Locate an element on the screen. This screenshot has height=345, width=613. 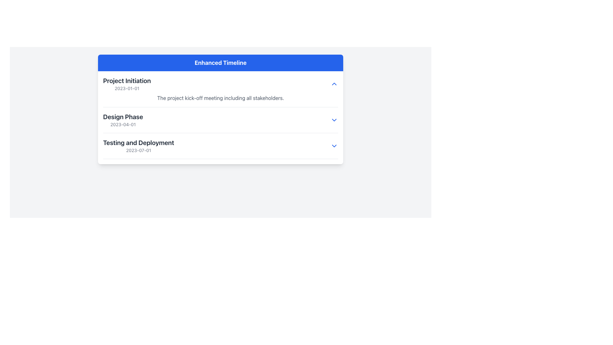
the upward chevron arrow icon button located in the top-right corner of the 'Project Initiation' section within the 'Enhanced Timeline' component is located at coordinates (334, 83).